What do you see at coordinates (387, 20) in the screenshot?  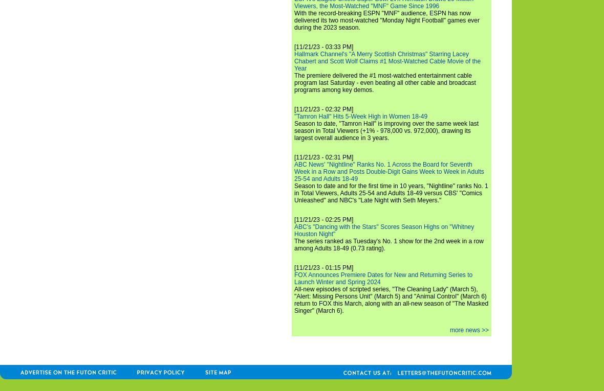 I see `'With the record-breaking ESPN "MNF" audience, ESPN has now delivered its two most-watched "Monday Night Football" games ever during the 2023 season.'` at bounding box center [387, 20].